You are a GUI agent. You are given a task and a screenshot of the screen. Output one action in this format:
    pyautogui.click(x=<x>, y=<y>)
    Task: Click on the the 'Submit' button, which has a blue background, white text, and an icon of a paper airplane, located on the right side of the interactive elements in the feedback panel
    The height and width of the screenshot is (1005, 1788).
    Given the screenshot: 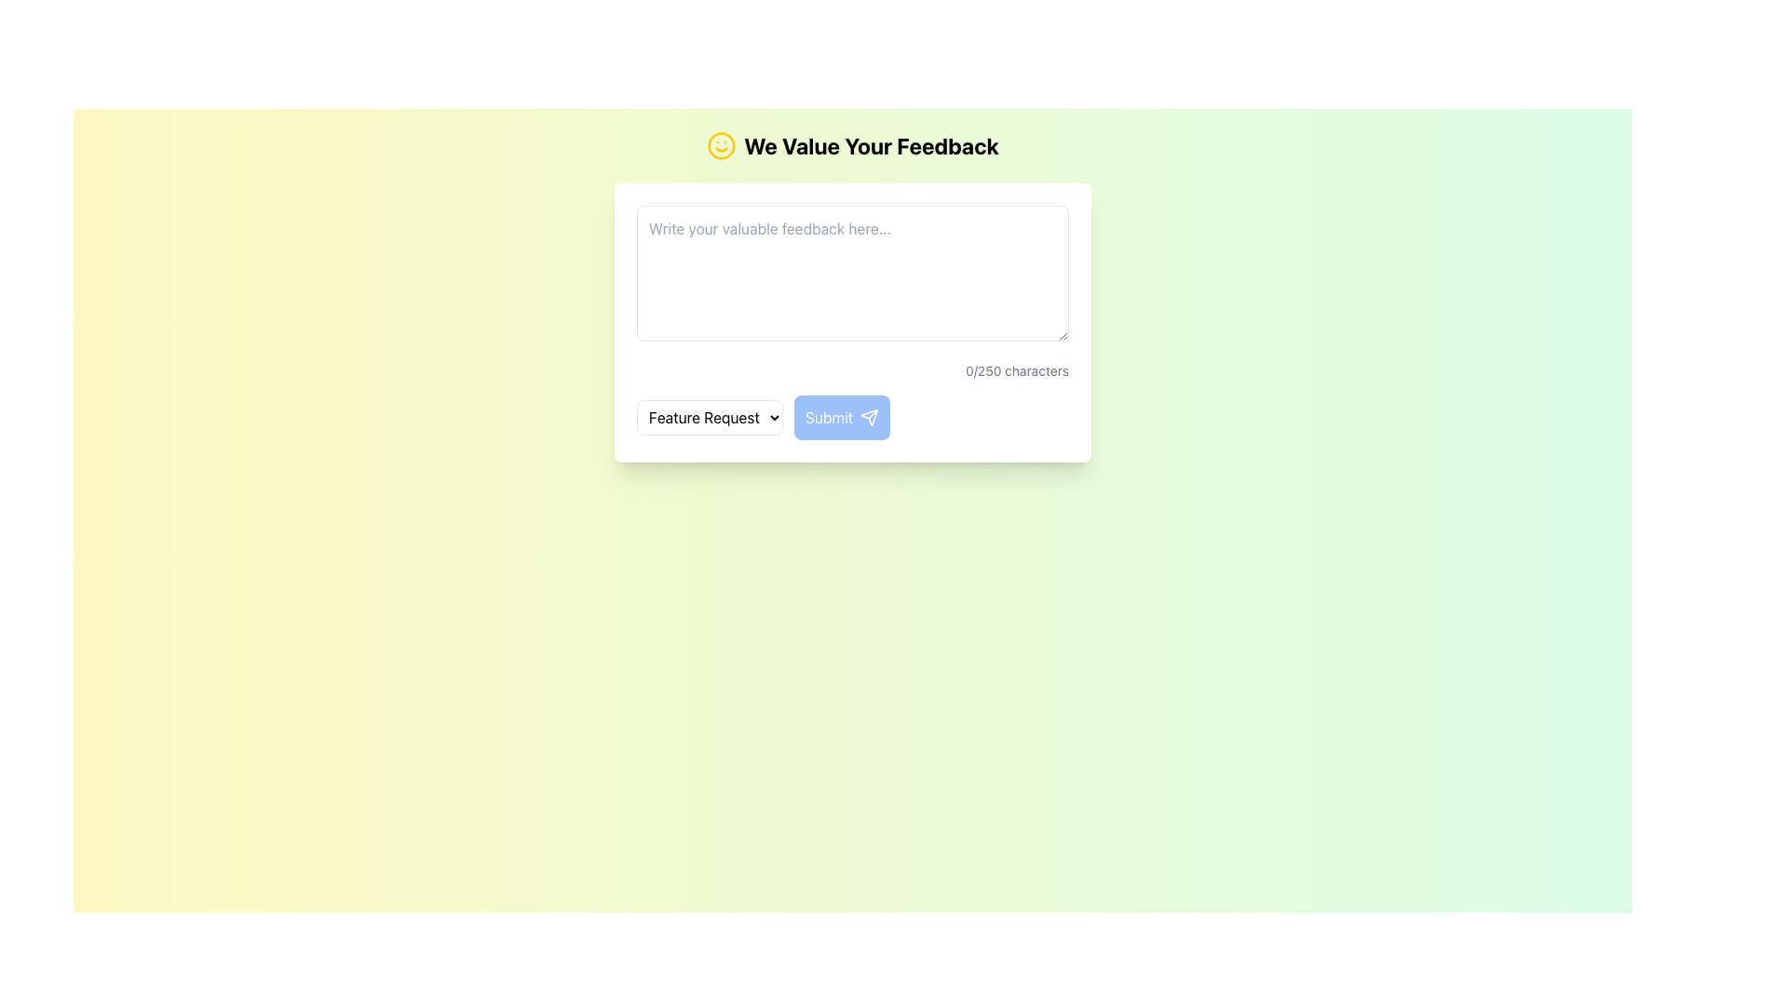 What is the action you would take?
    pyautogui.click(x=841, y=416)
    